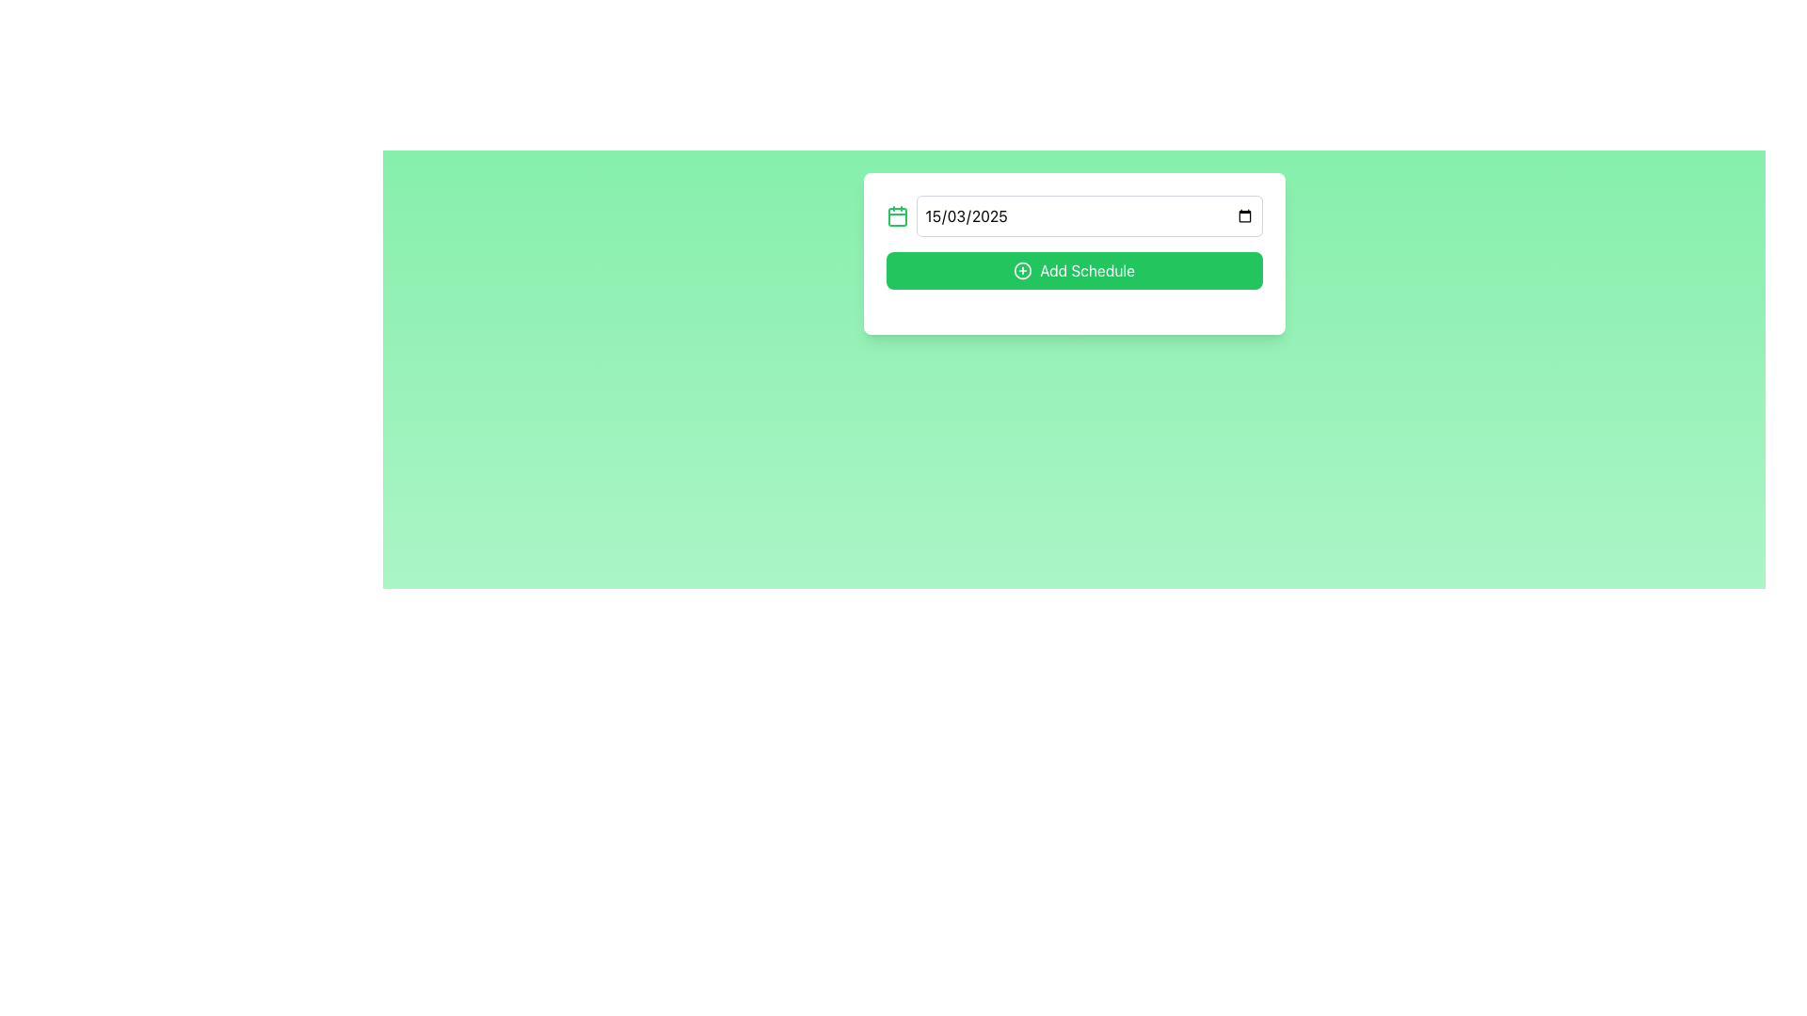 This screenshot has height=1016, width=1807. I want to click on the SVG Circle element that is part of the '+' icon, located to the left of the 'Add Schedule' text in the green rectangular button at the bottom of the interface card, so click(1022, 271).